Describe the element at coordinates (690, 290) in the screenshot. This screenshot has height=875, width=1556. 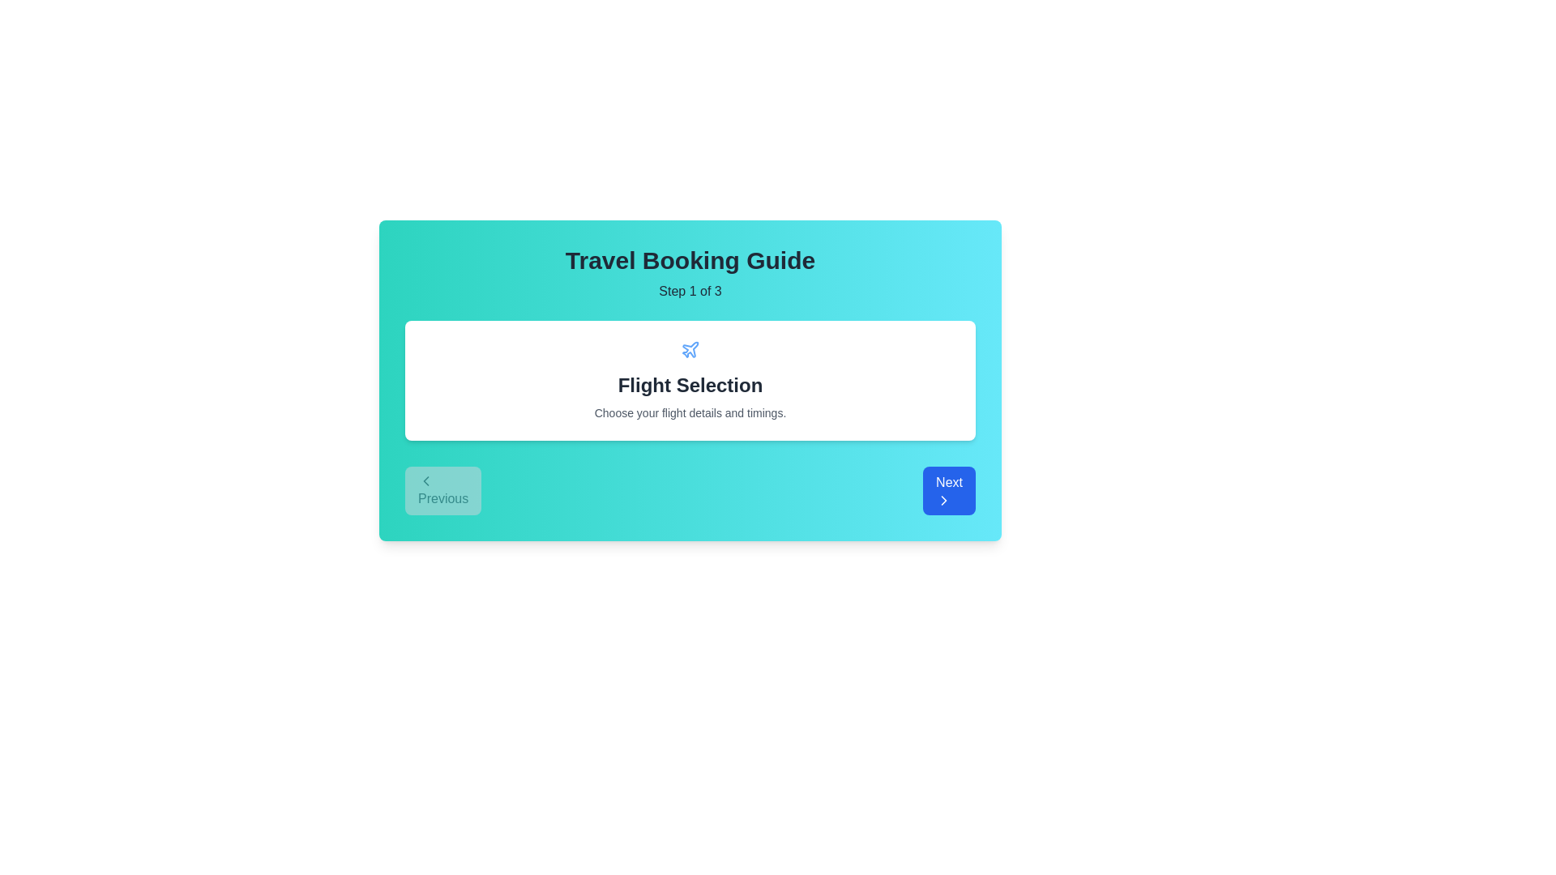
I see `the text label displaying 'Step 1 of 3', which is centered beneath the header 'Travel Booking Guide' and has contrasting black text on a turquoise background` at that location.